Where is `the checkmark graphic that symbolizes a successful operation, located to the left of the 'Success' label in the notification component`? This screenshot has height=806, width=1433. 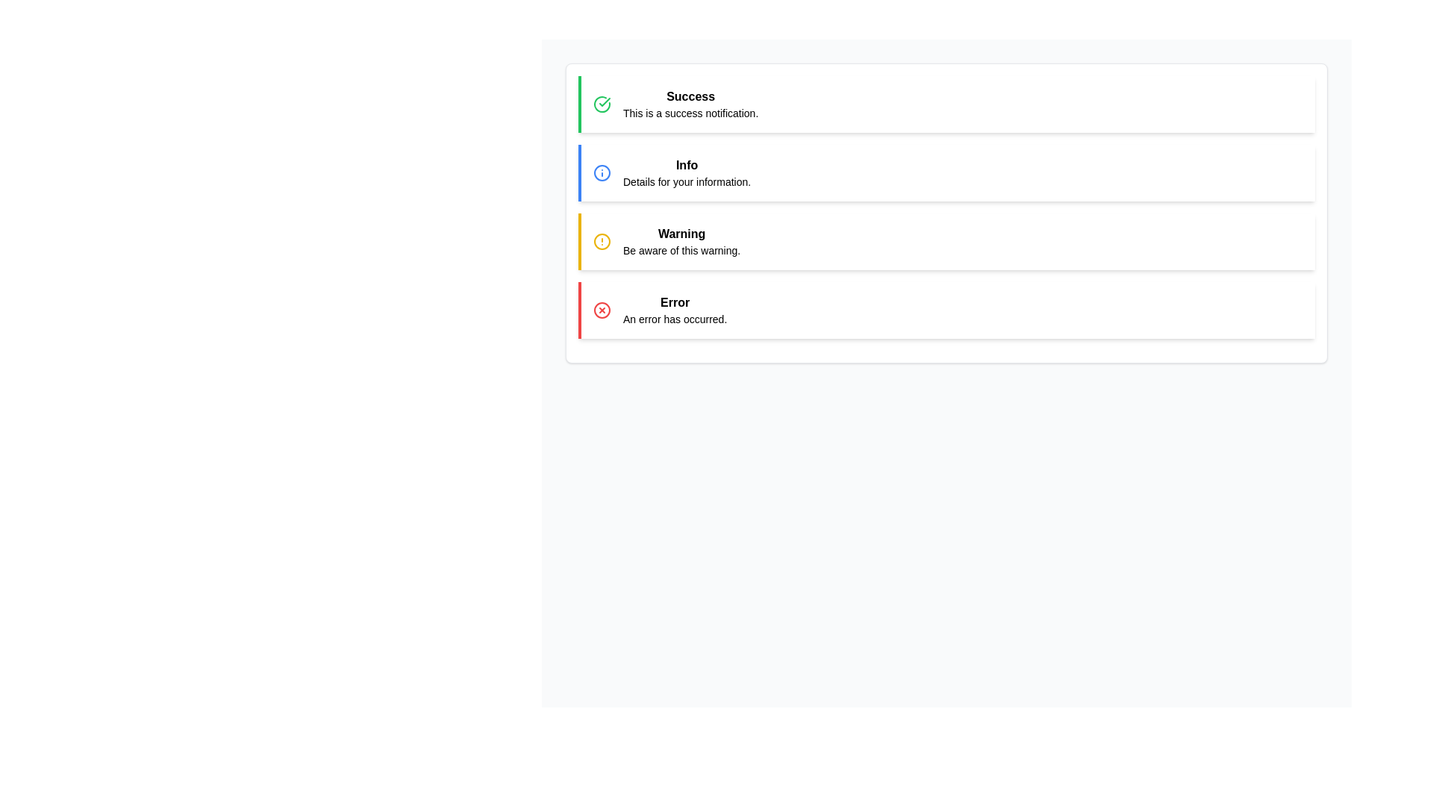 the checkmark graphic that symbolizes a successful operation, located to the left of the 'Success' label in the notification component is located at coordinates (605, 101).